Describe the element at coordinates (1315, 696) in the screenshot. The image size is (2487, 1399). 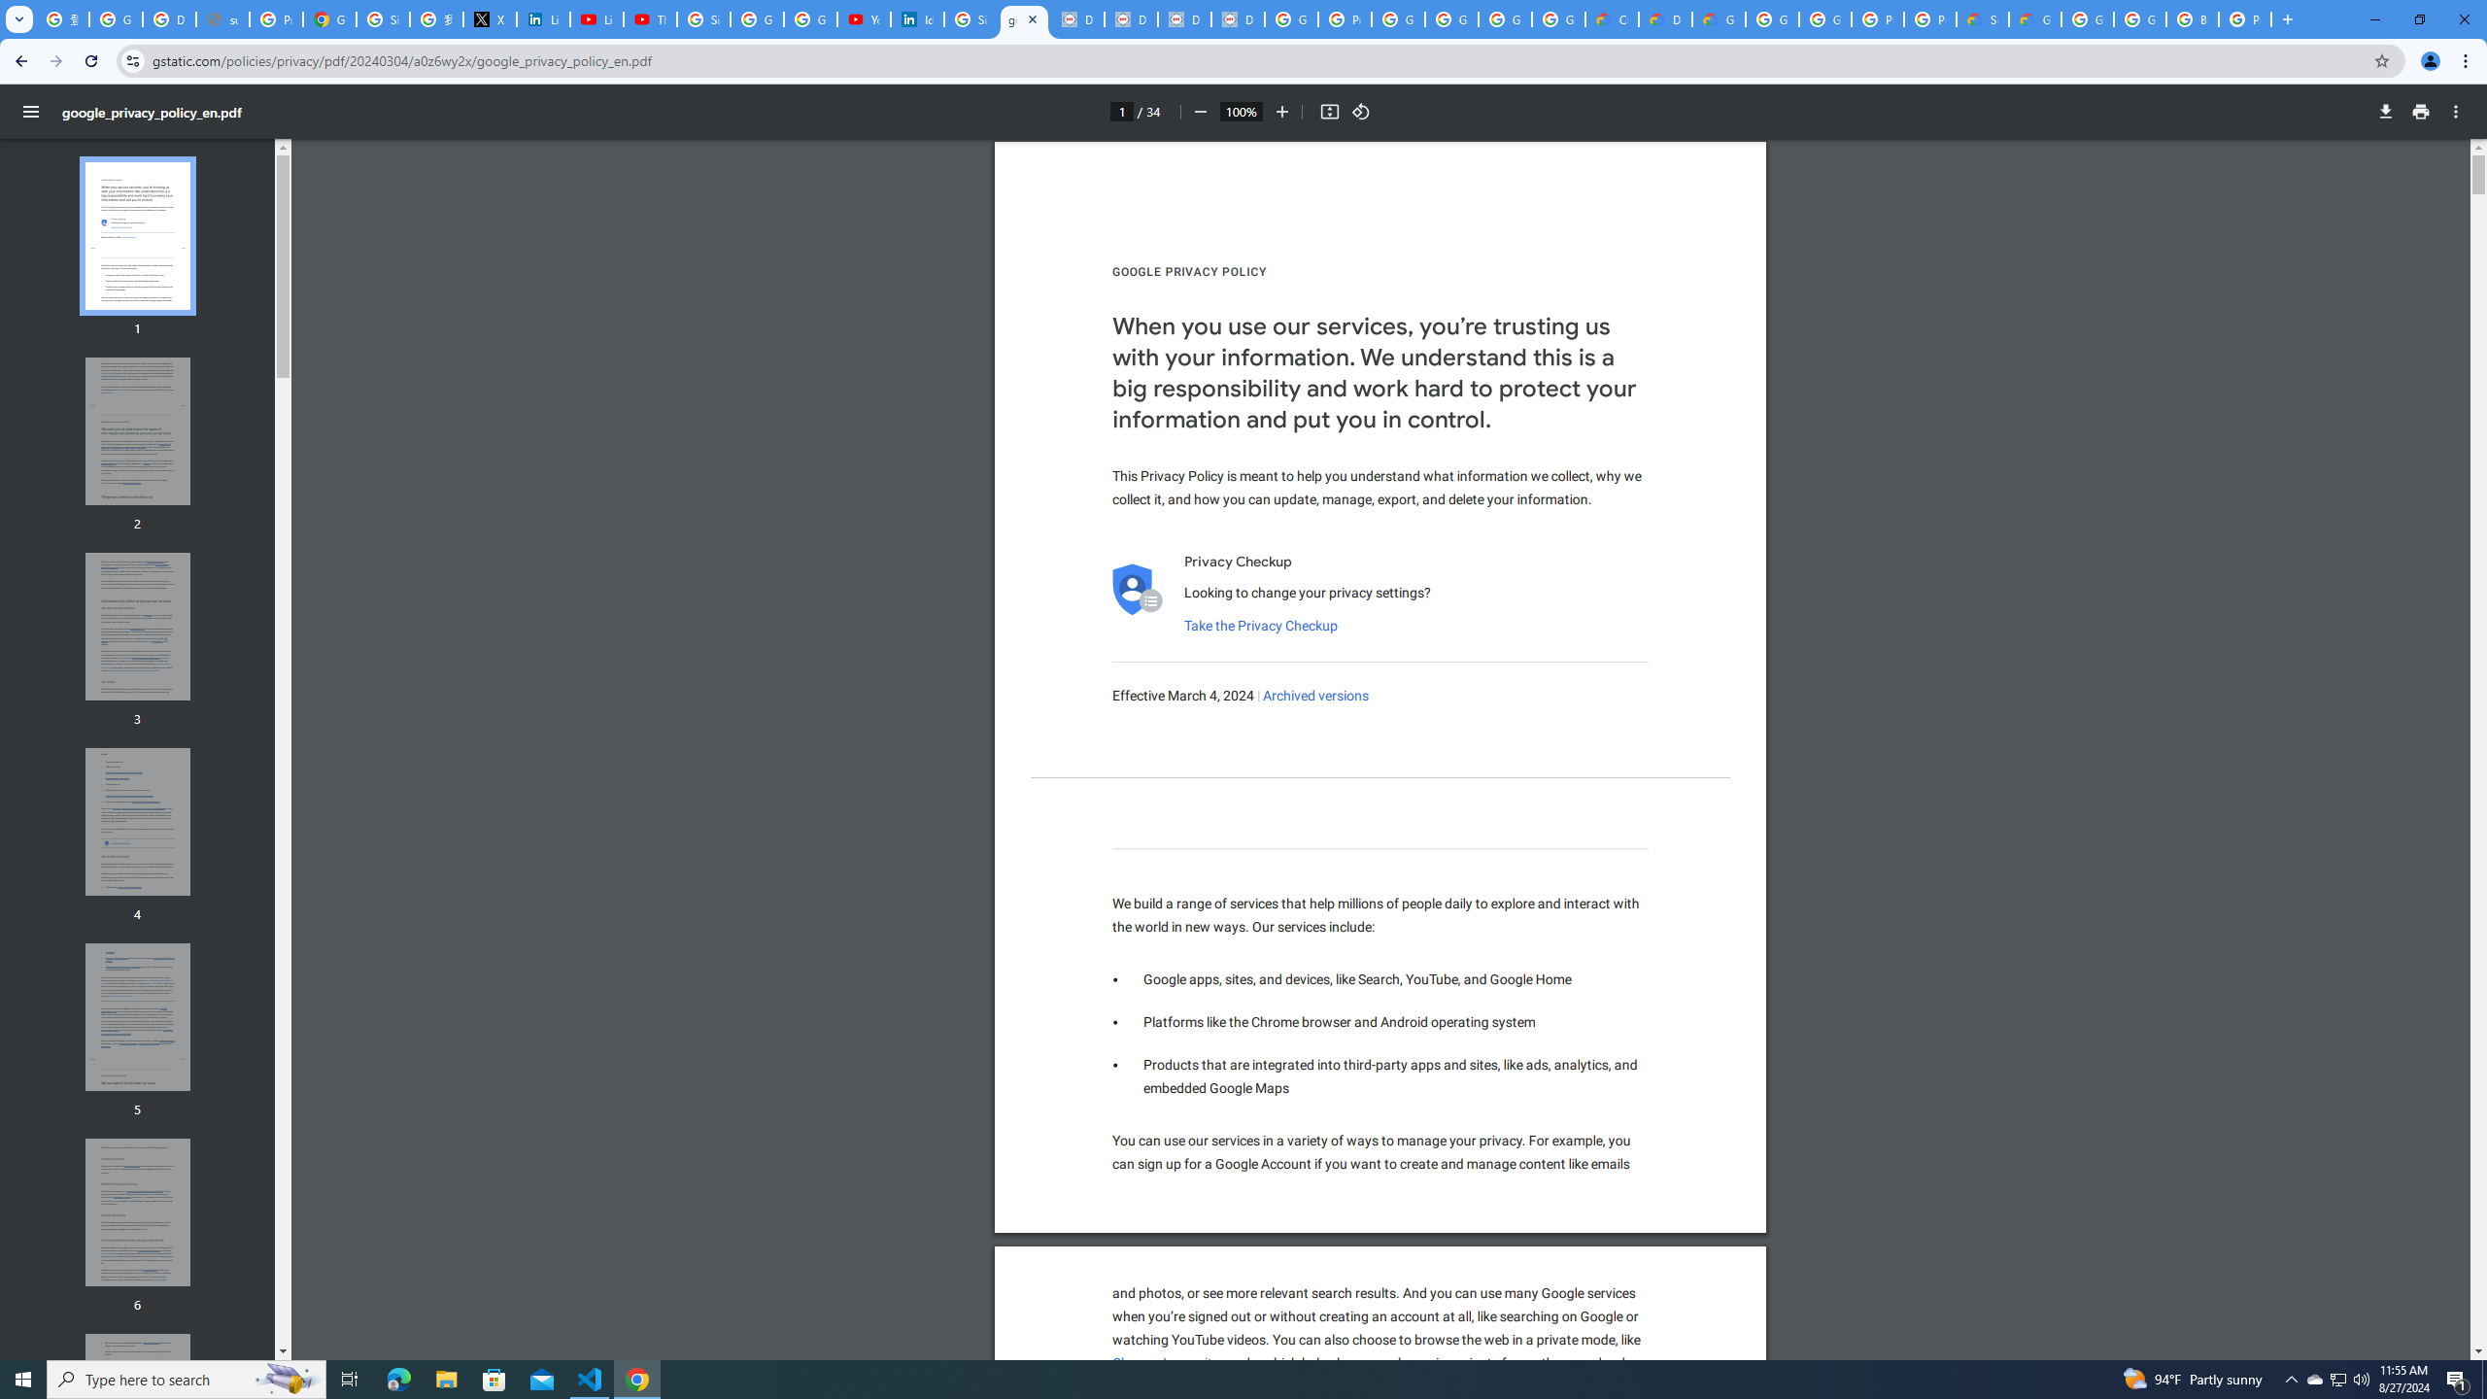
I see `'Archived versions'` at that location.